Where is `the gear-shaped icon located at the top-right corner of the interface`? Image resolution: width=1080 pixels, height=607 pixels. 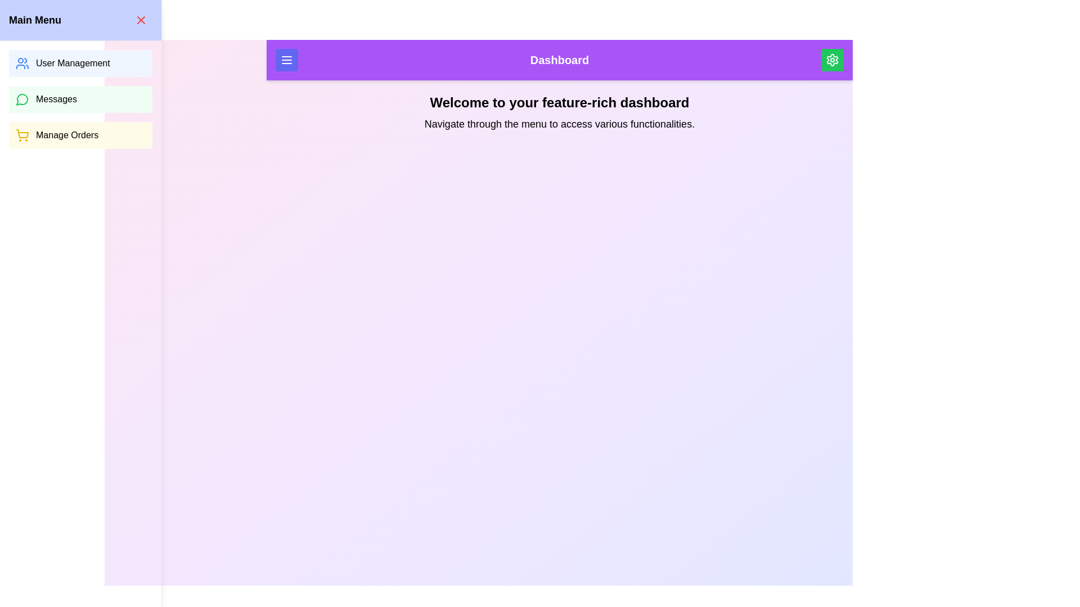
the gear-shaped icon located at the top-right corner of the interface is located at coordinates (832, 60).